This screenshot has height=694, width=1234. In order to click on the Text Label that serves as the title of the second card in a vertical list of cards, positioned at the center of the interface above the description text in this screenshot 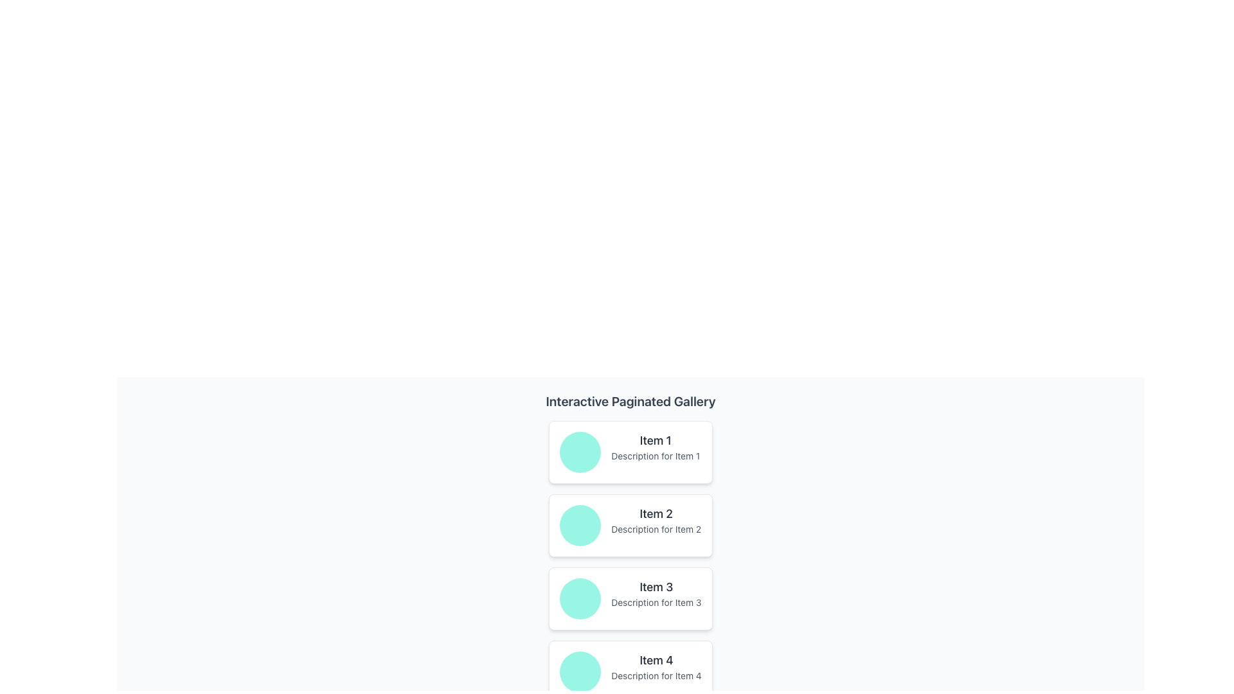, I will do `click(656, 513)`.